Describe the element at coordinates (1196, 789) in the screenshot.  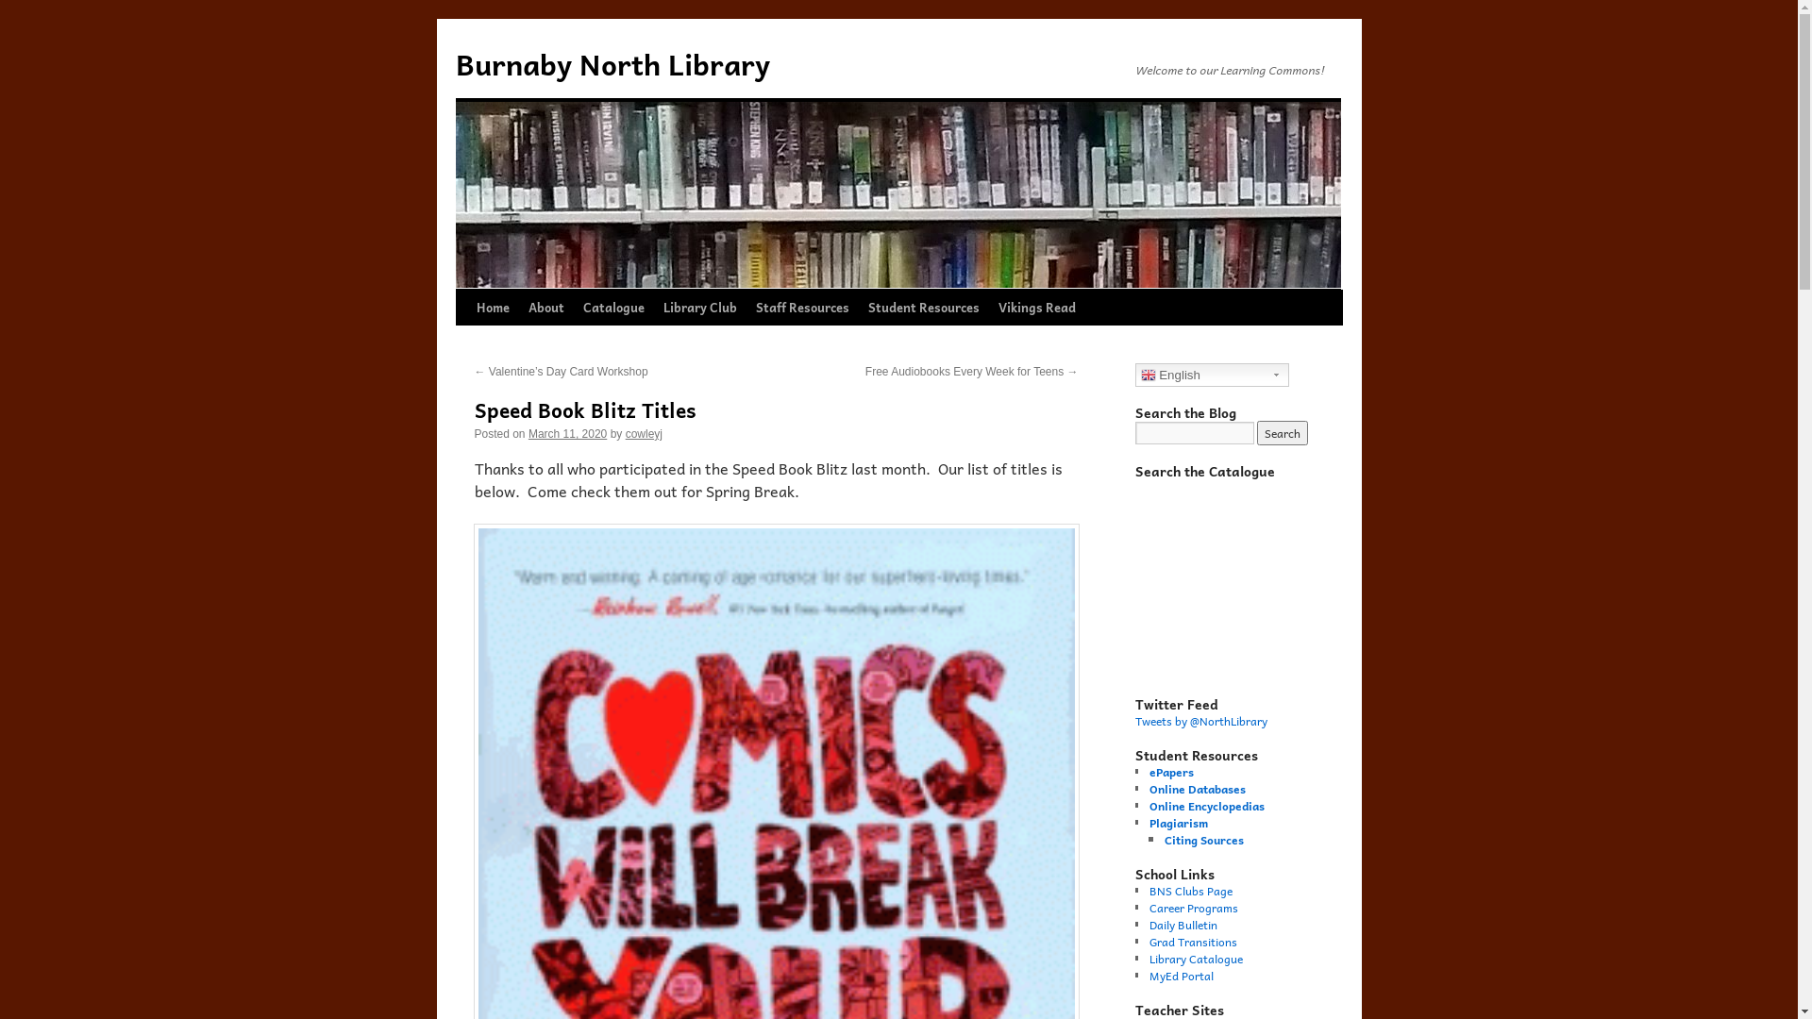
I see `'Online Databases'` at that location.